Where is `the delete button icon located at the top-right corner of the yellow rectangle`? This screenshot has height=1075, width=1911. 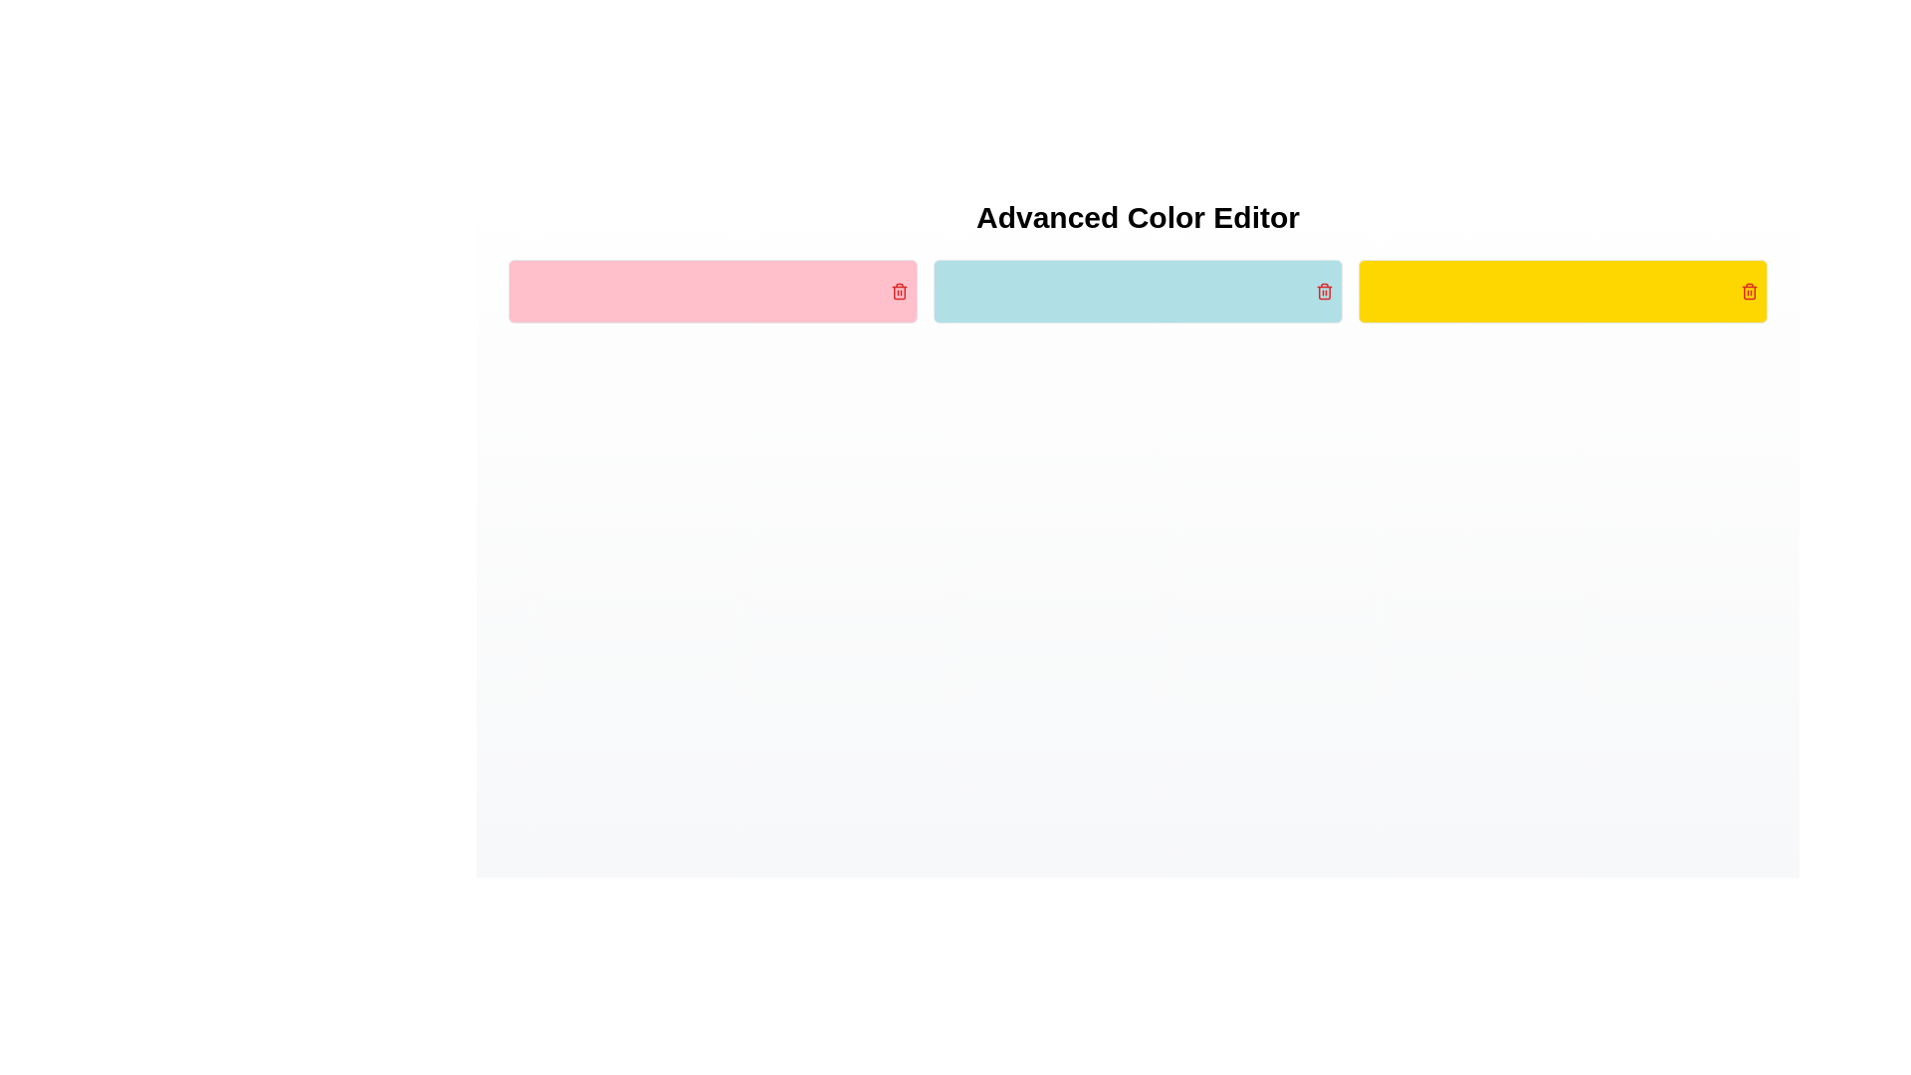 the delete button icon located at the top-right corner of the yellow rectangle is located at coordinates (1748, 292).